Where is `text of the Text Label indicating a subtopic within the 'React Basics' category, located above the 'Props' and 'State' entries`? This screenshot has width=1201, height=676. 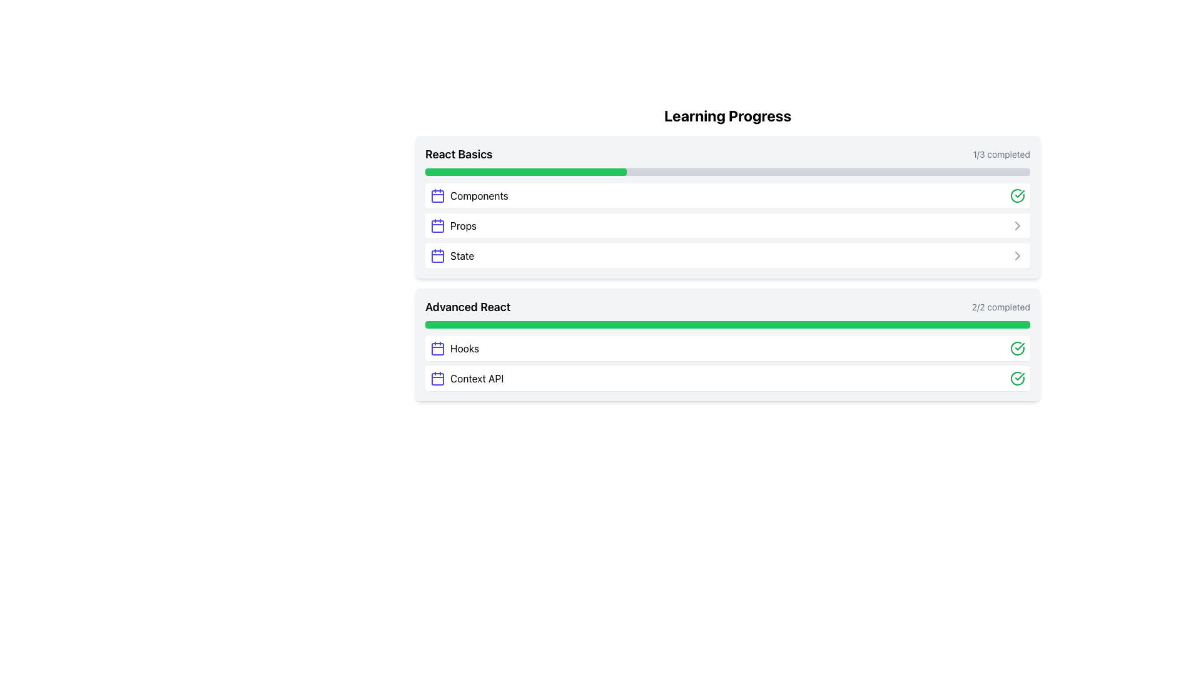
text of the Text Label indicating a subtopic within the 'React Basics' category, located above the 'Props' and 'State' entries is located at coordinates (479, 195).